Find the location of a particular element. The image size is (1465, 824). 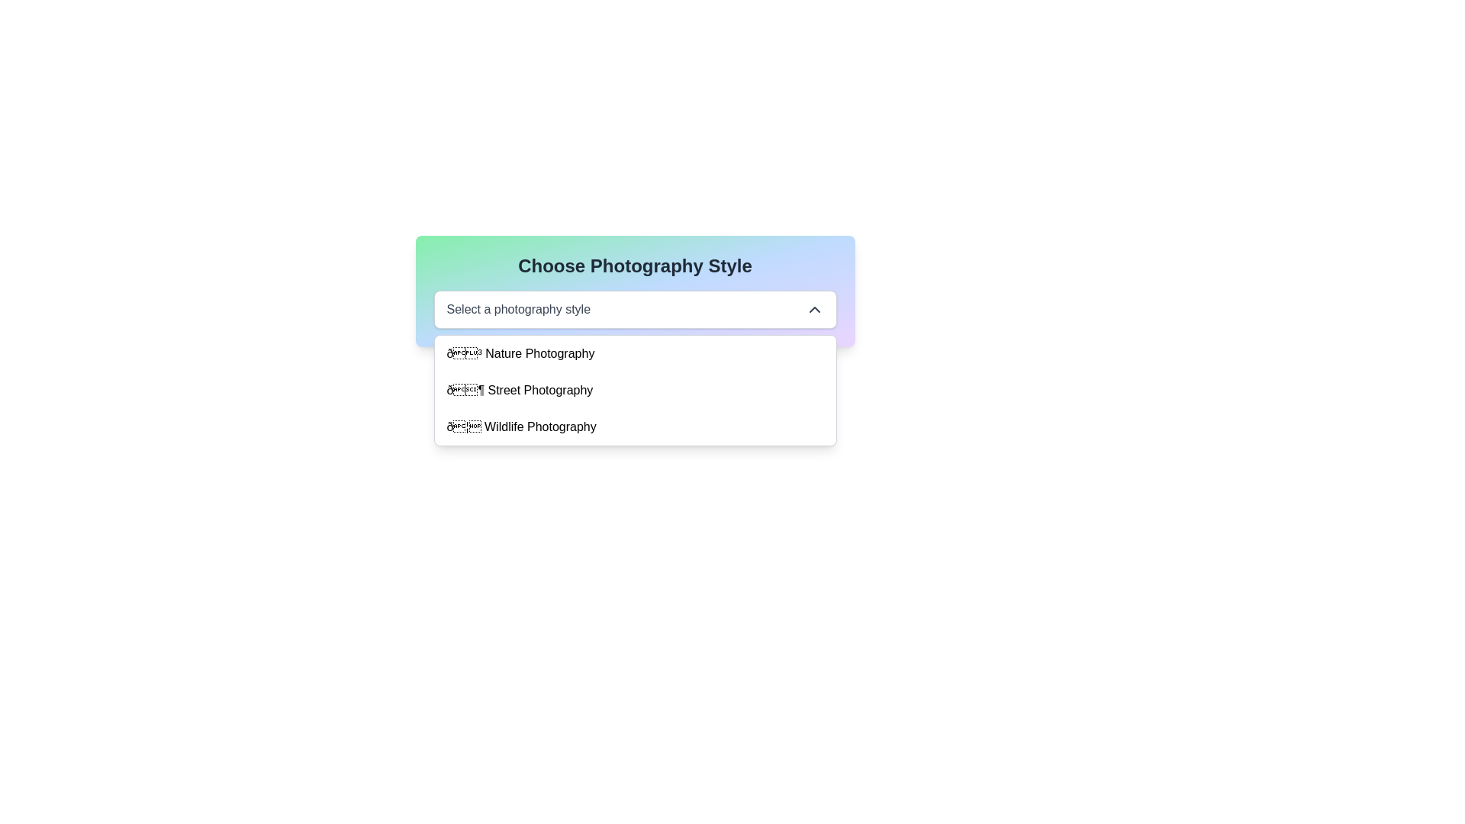

the dropdown toggle labeled 'Select a photography style' is located at coordinates (635, 309).